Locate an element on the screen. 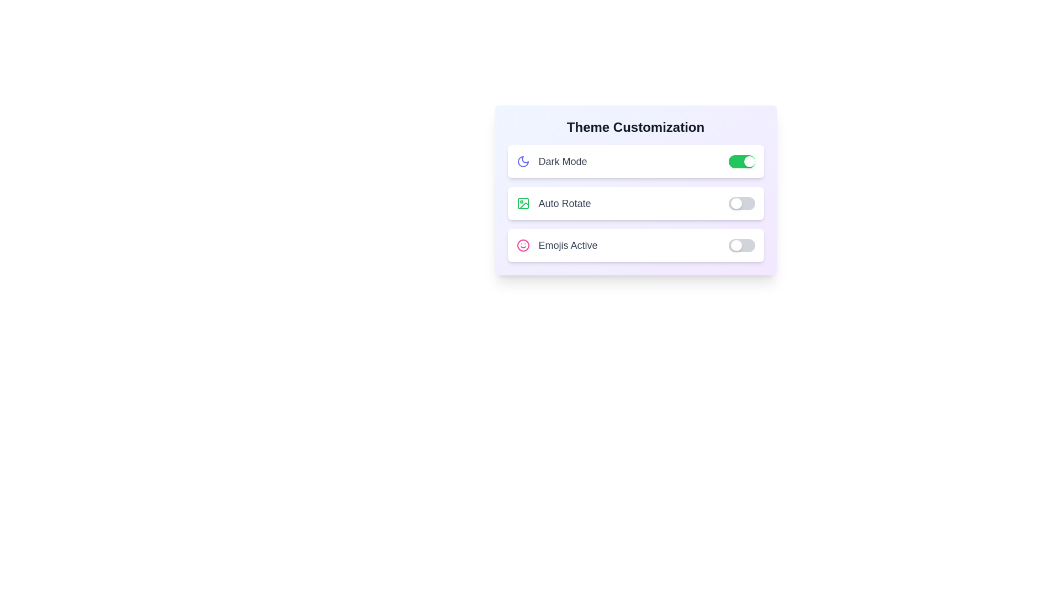 The image size is (1060, 596). the SVG element representing the 'Auto Rotate' option, located in the second row of the 'Theme Customization' list is located at coordinates (522, 204).